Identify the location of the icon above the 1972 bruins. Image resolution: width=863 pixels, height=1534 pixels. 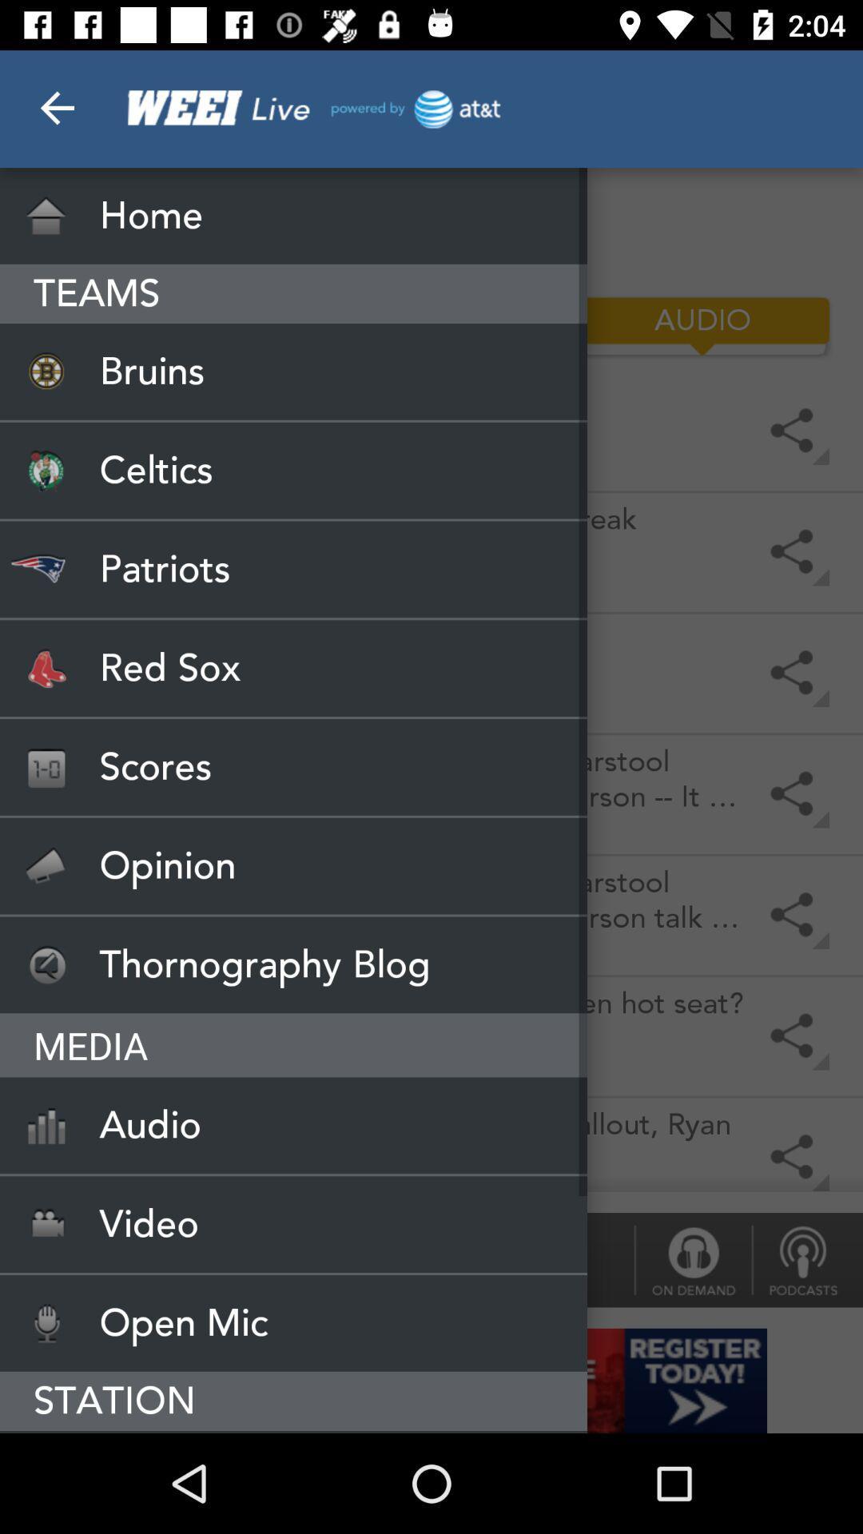
(160, 325).